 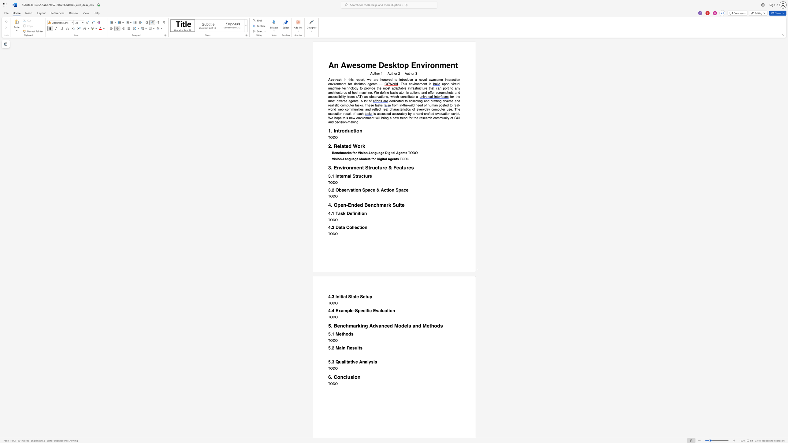 I want to click on the subset text "s report, we are honored to introduce a novel aw" within the text "In this report, we are honored to introduce a novel awesome interaction environment for desktop agents ---", so click(x=351, y=79).